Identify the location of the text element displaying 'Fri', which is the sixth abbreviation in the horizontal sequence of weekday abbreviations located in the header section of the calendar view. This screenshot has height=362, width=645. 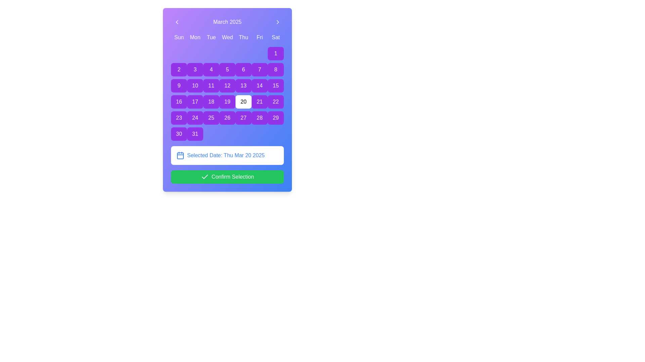
(259, 37).